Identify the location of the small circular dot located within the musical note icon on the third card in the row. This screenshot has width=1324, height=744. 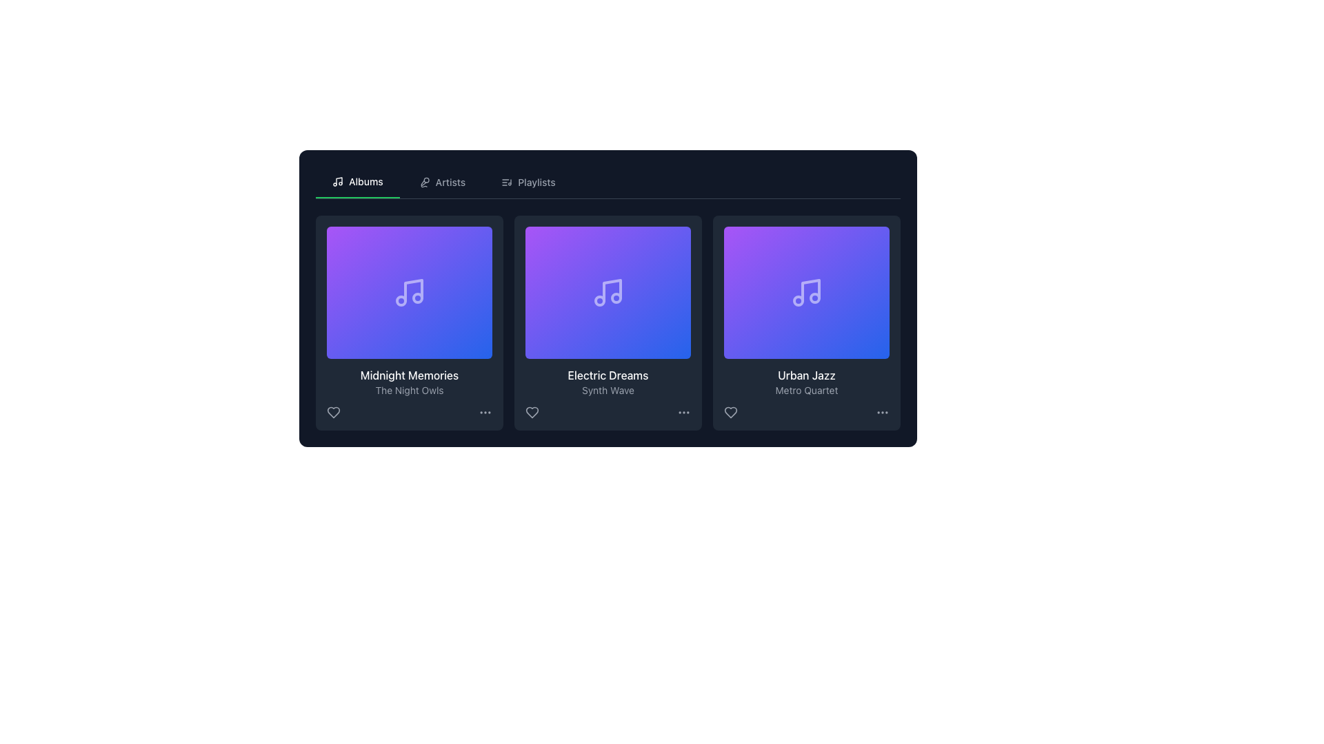
(814, 297).